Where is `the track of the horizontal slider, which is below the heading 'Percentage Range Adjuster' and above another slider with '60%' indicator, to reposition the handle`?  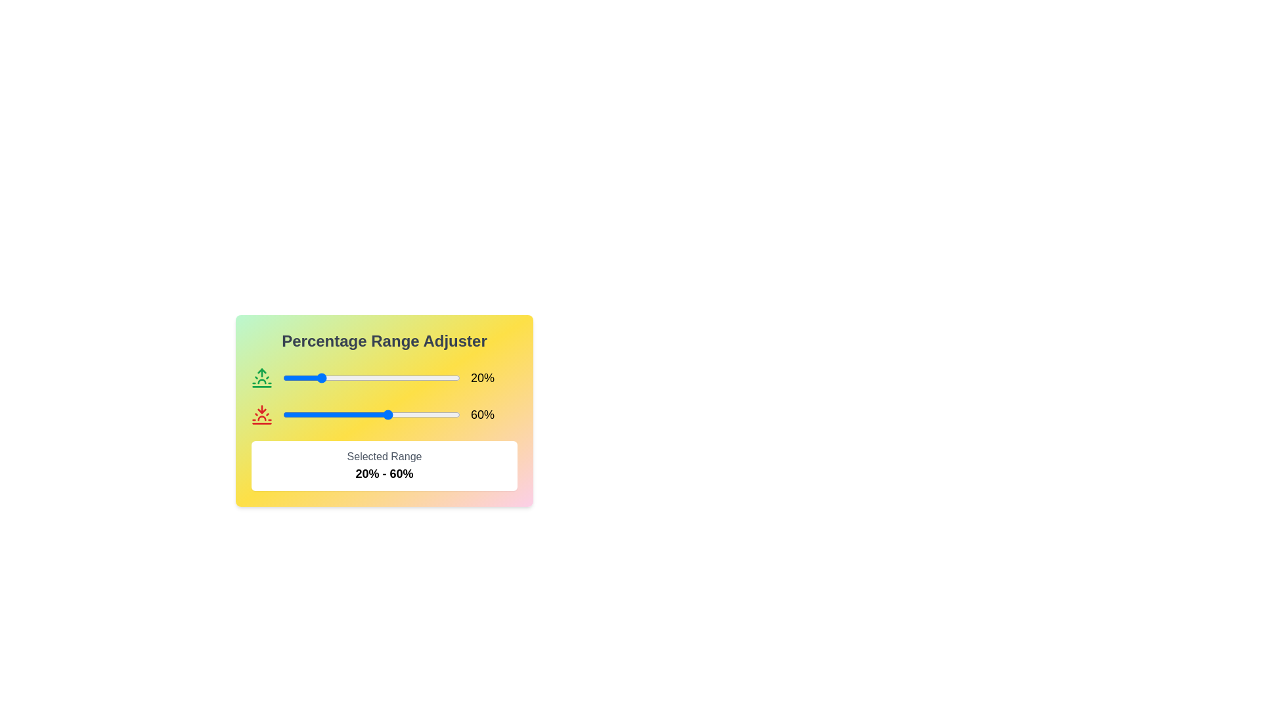
the track of the horizontal slider, which is below the heading 'Percentage Range Adjuster' and above another slider with '60%' indicator, to reposition the handle is located at coordinates (384, 377).